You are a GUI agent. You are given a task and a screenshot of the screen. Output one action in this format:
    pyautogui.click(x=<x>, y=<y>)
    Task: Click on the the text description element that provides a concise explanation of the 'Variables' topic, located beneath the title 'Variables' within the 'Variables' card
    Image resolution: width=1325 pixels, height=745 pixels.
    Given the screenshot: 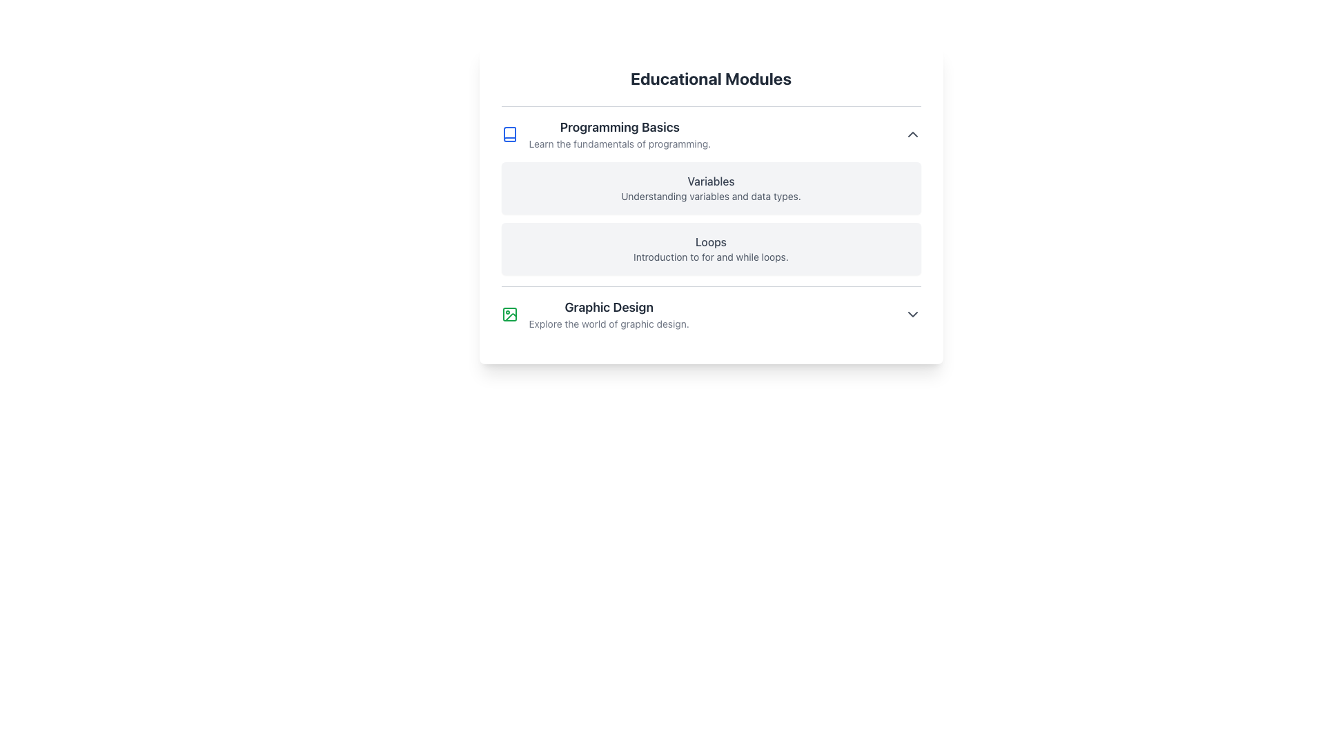 What is the action you would take?
    pyautogui.click(x=711, y=197)
    